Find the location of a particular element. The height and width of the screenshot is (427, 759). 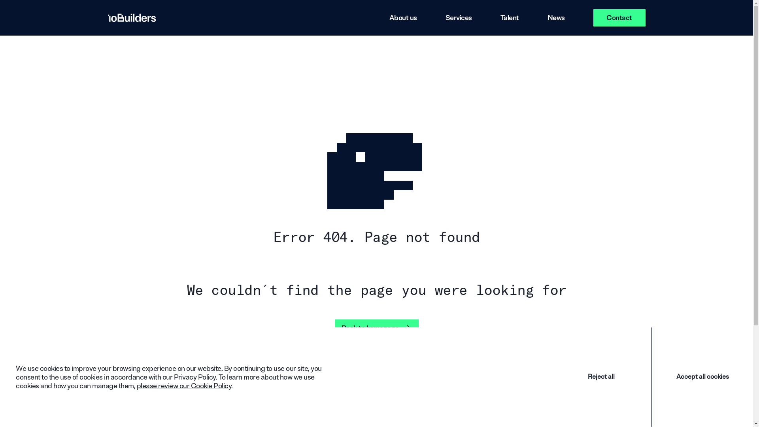

'News' is located at coordinates (555, 18).